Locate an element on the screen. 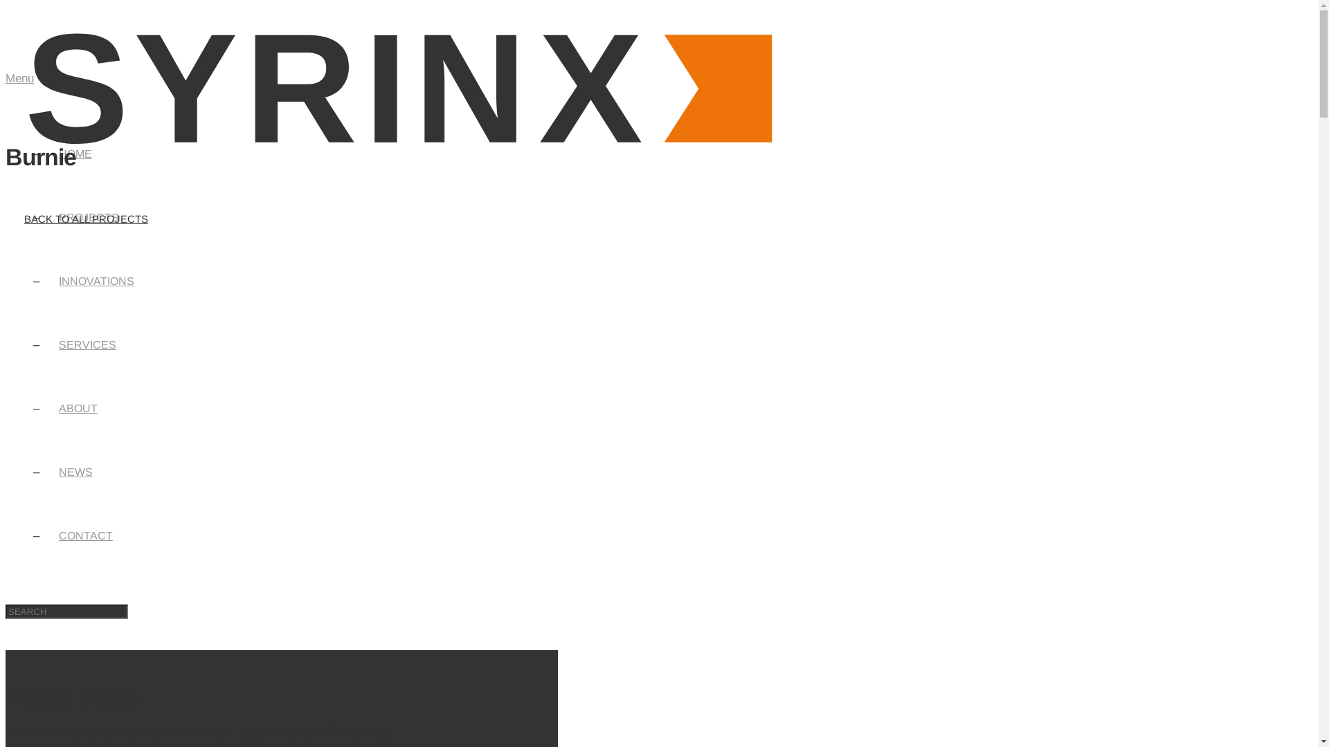 This screenshot has width=1329, height=747. 'Menu' is located at coordinates (6, 78).